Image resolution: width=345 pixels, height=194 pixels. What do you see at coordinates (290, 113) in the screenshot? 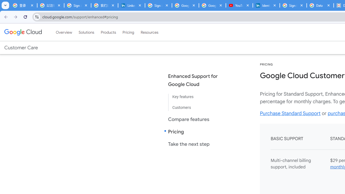
I see `'Purchase Standard Support'` at bounding box center [290, 113].